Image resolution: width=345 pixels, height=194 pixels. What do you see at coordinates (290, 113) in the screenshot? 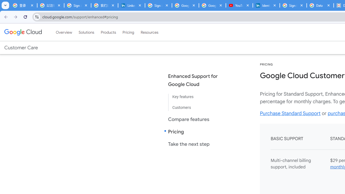
I see `'Purchase Standard Support'` at bounding box center [290, 113].